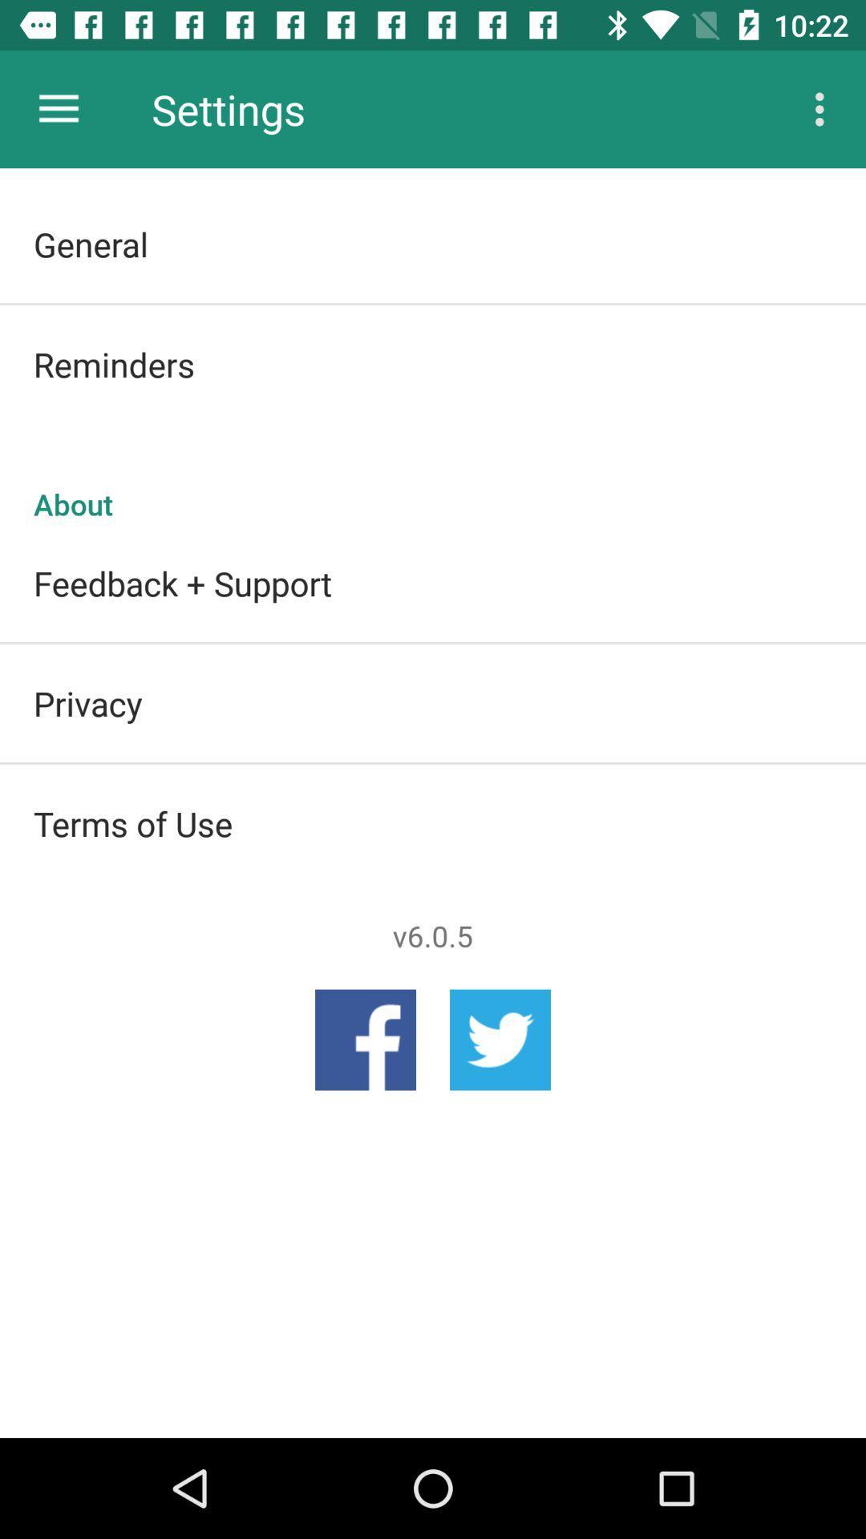 The width and height of the screenshot is (866, 1539). What do you see at coordinates (433, 582) in the screenshot?
I see `icon below the about` at bounding box center [433, 582].